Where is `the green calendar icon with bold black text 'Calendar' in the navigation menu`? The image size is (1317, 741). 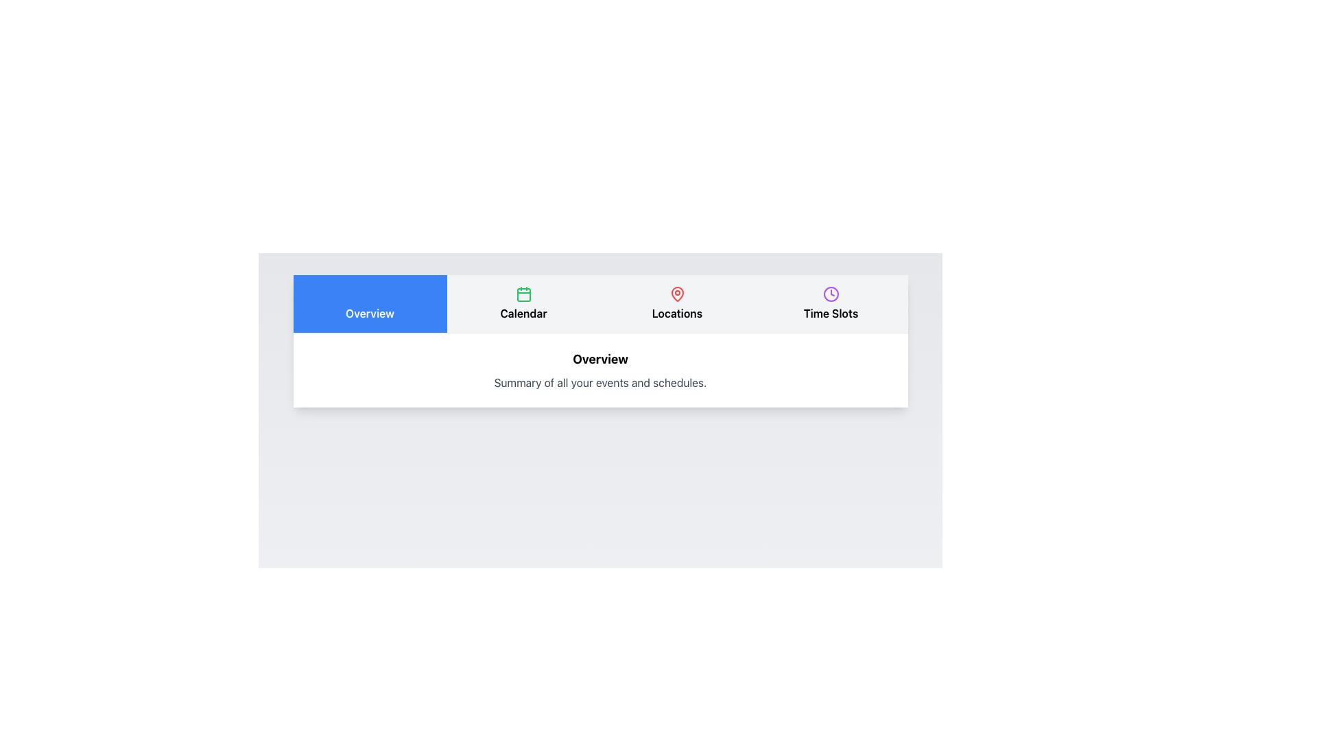
the green calendar icon with bold black text 'Calendar' in the navigation menu is located at coordinates (523, 303).